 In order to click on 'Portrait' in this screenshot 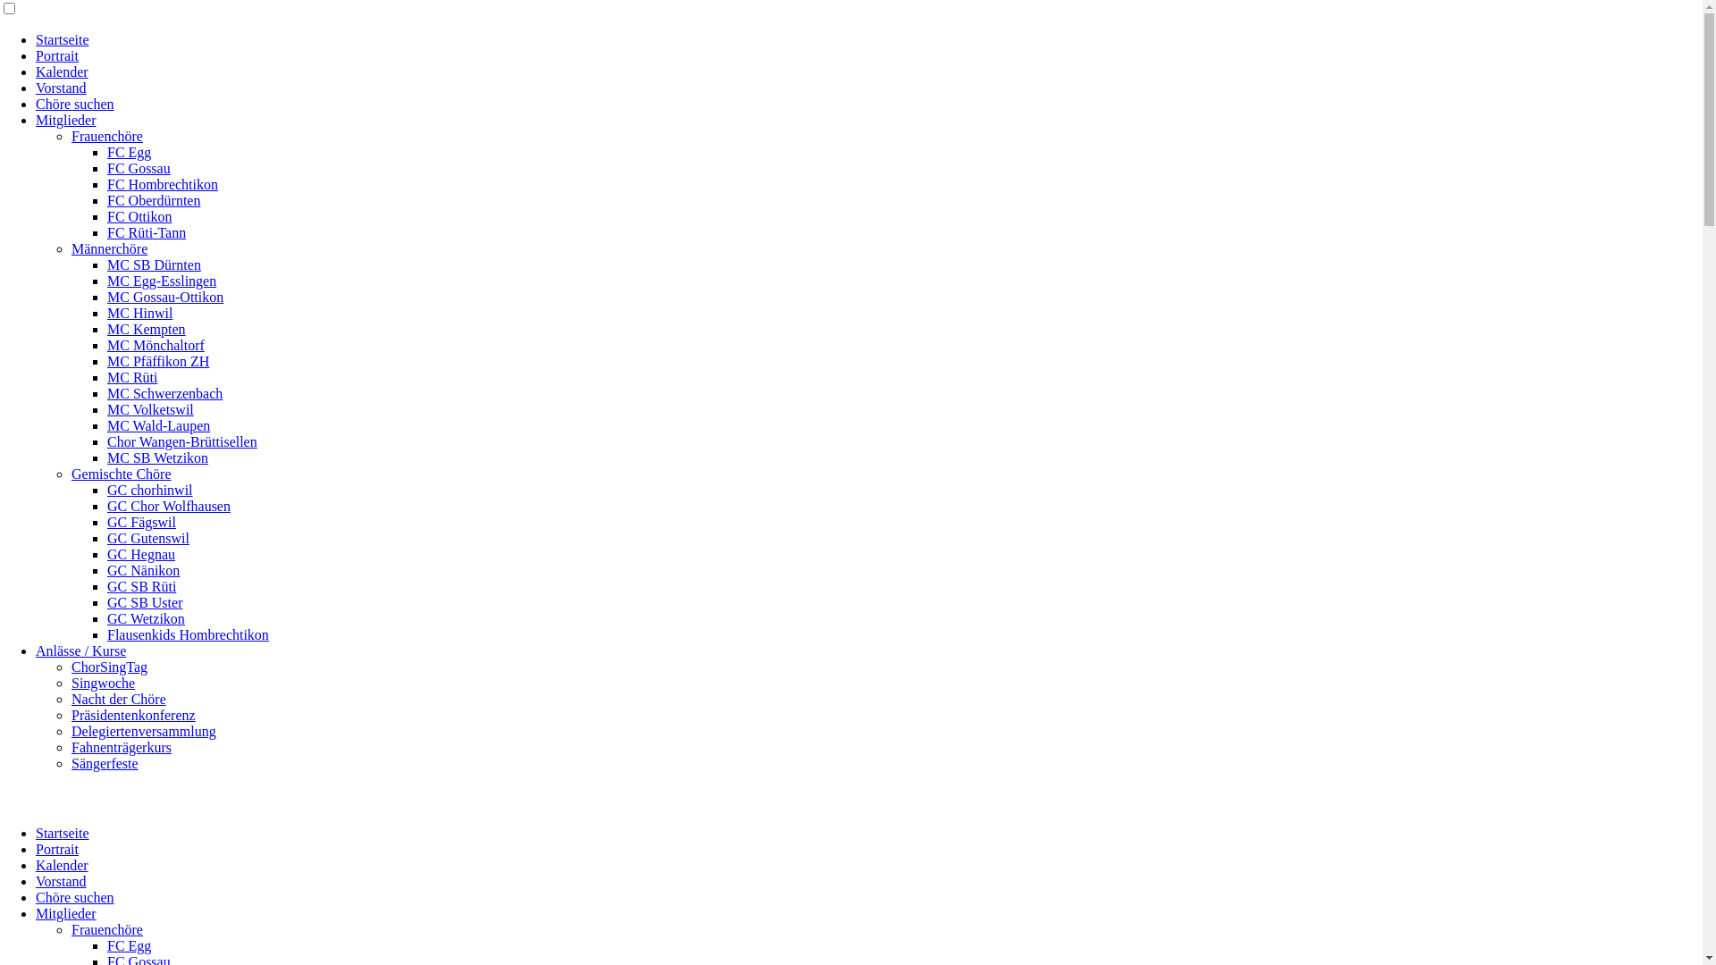, I will do `click(56, 55)`.